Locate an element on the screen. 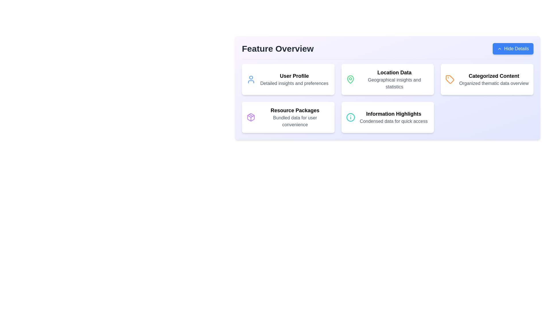 Image resolution: width=551 pixels, height=310 pixels. the associated information in context is located at coordinates (494, 80).